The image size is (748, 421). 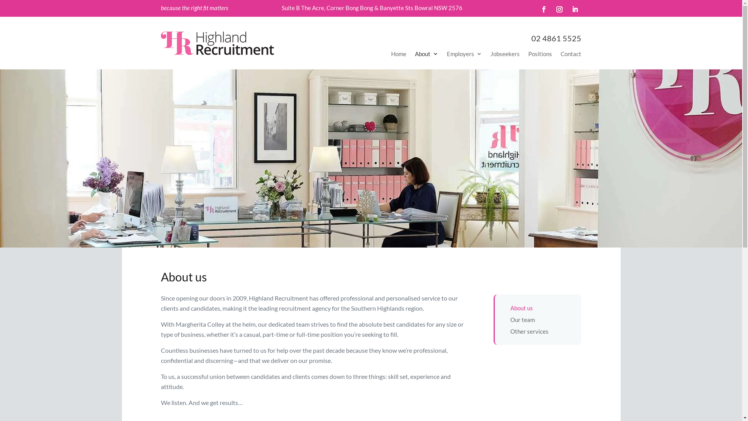 What do you see at coordinates (447, 55) in the screenshot?
I see `'Employers'` at bounding box center [447, 55].